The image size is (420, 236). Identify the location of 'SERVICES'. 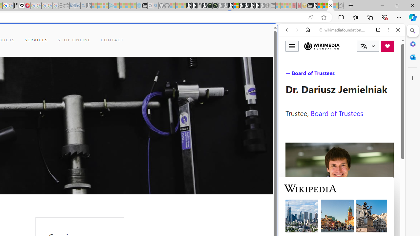
(36, 40).